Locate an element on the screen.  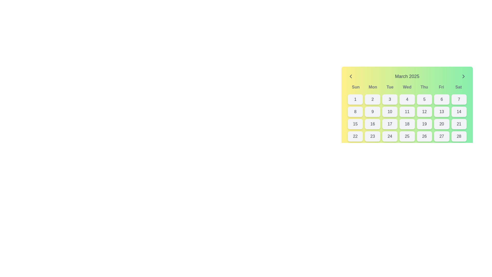
the date button labeled '9' in the calendar grid is located at coordinates (373, 111).